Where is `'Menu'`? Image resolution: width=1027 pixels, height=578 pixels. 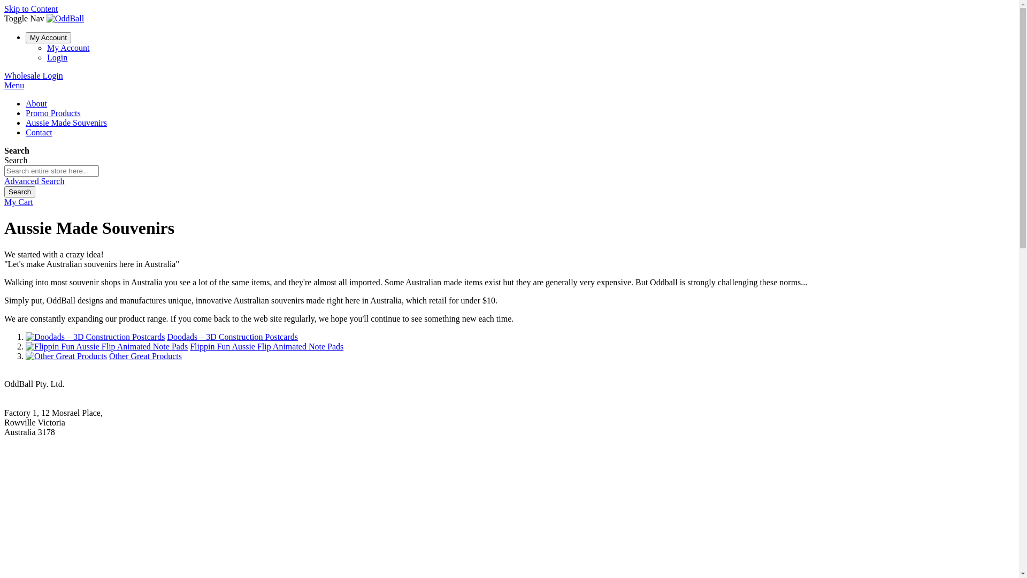 'Menu' is located at coordinates (14, 85).